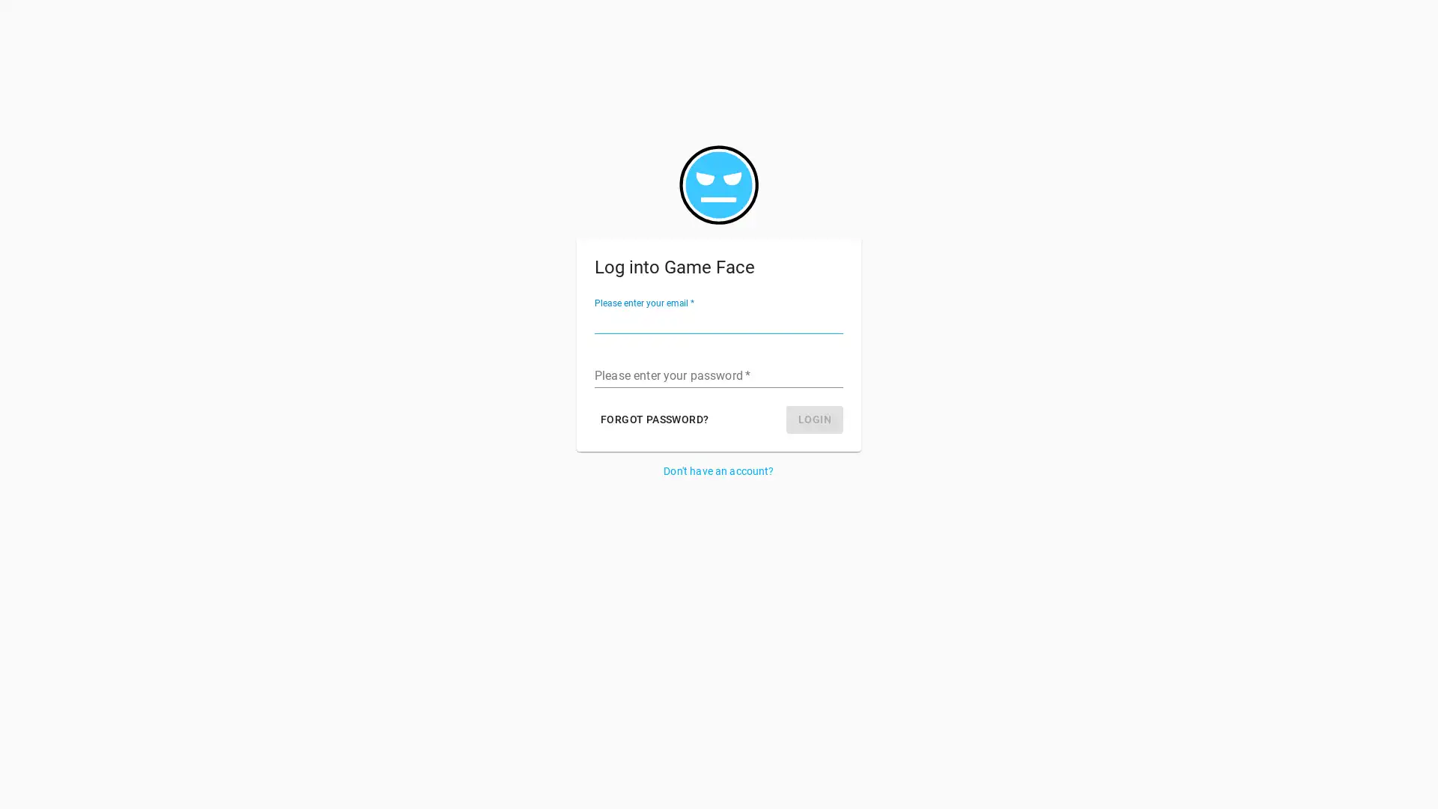 The height and width of the screenshot is (809, 1438). I want to click on LOGIN, so click(814, 419).